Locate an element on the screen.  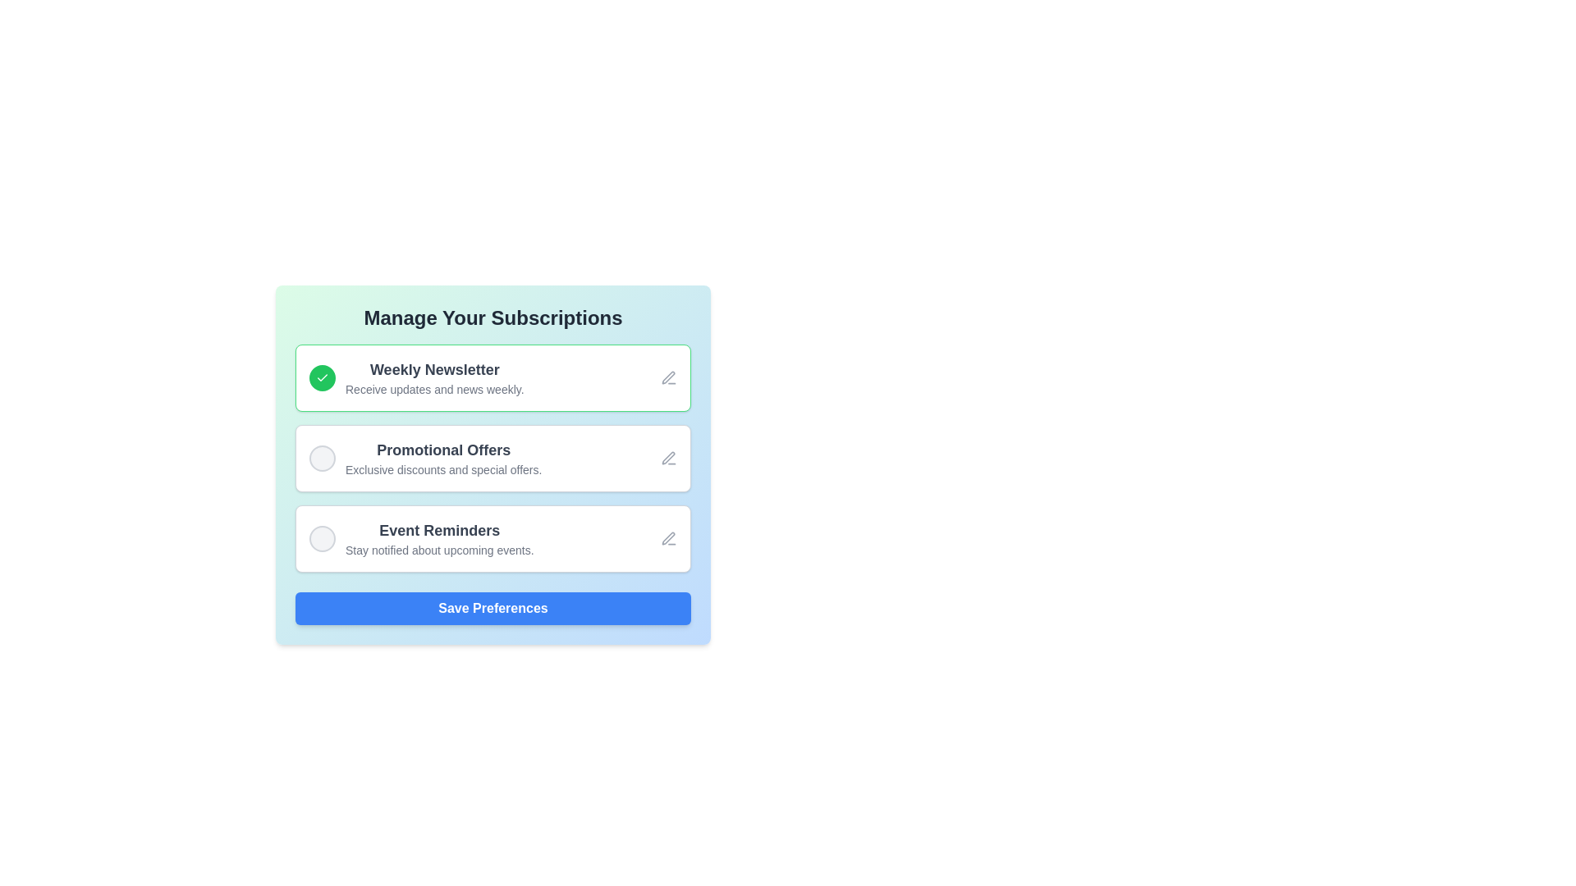
the gray pen icon located at the top-right corner of the 'Weekly Newsletter' subscription box to initiate an edit action is located at coordinates (669, 378).